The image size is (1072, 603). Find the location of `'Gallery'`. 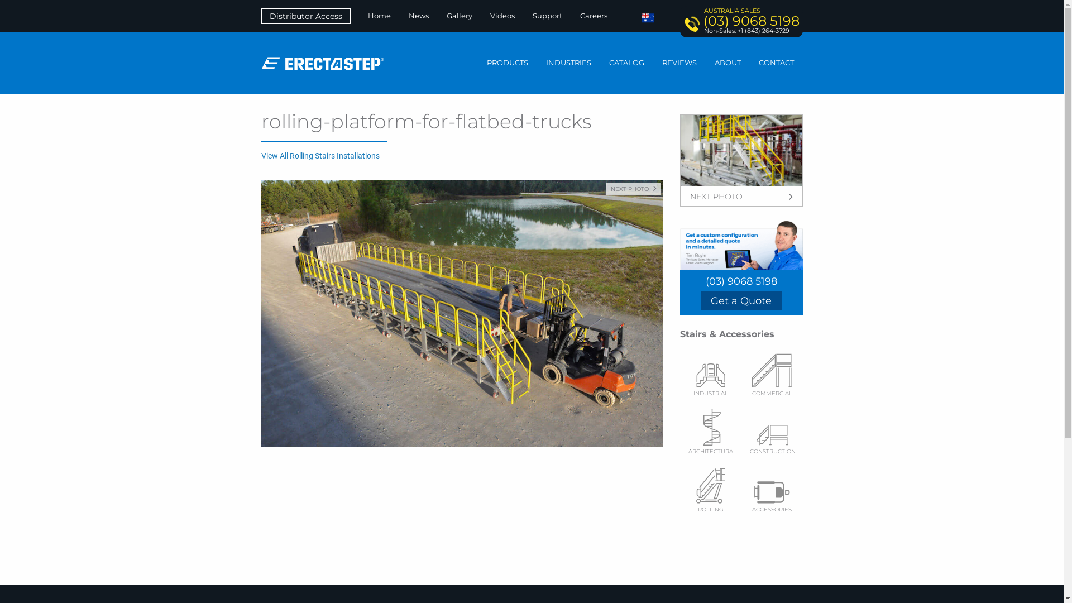

'Gallery' is located at coordinates (459, 16).